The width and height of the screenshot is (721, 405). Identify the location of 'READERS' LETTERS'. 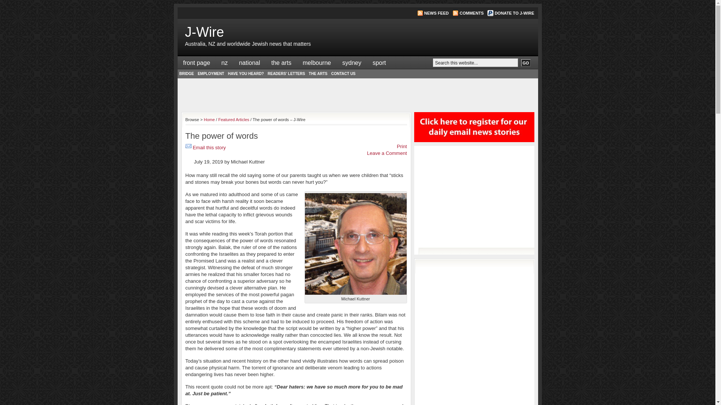
(286, 73).